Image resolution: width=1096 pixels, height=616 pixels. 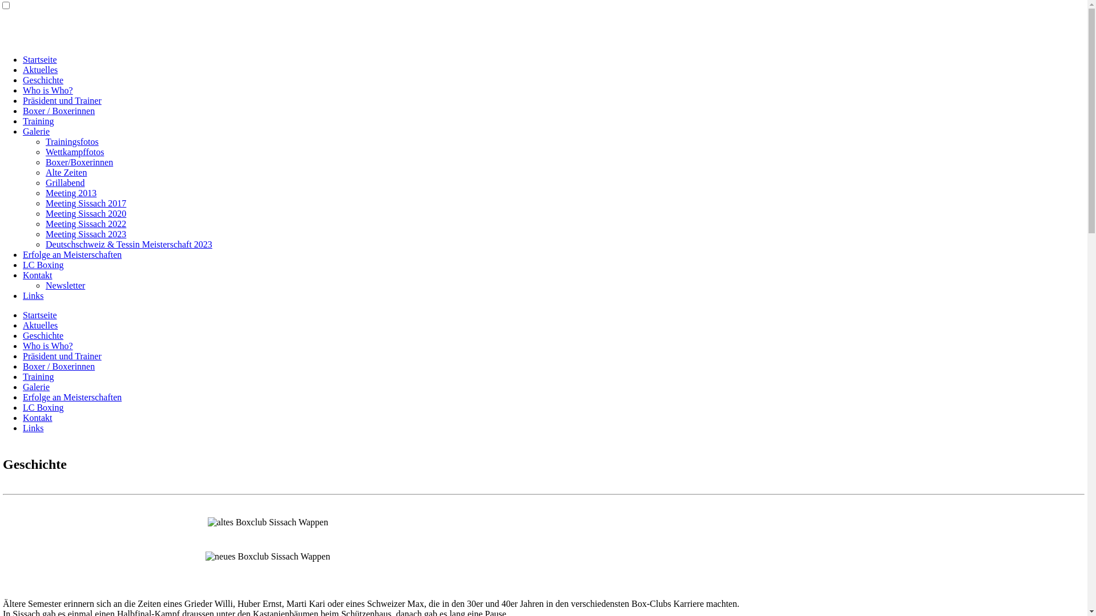 I want to click on 'Newsletter', so click(x=65, y=285).